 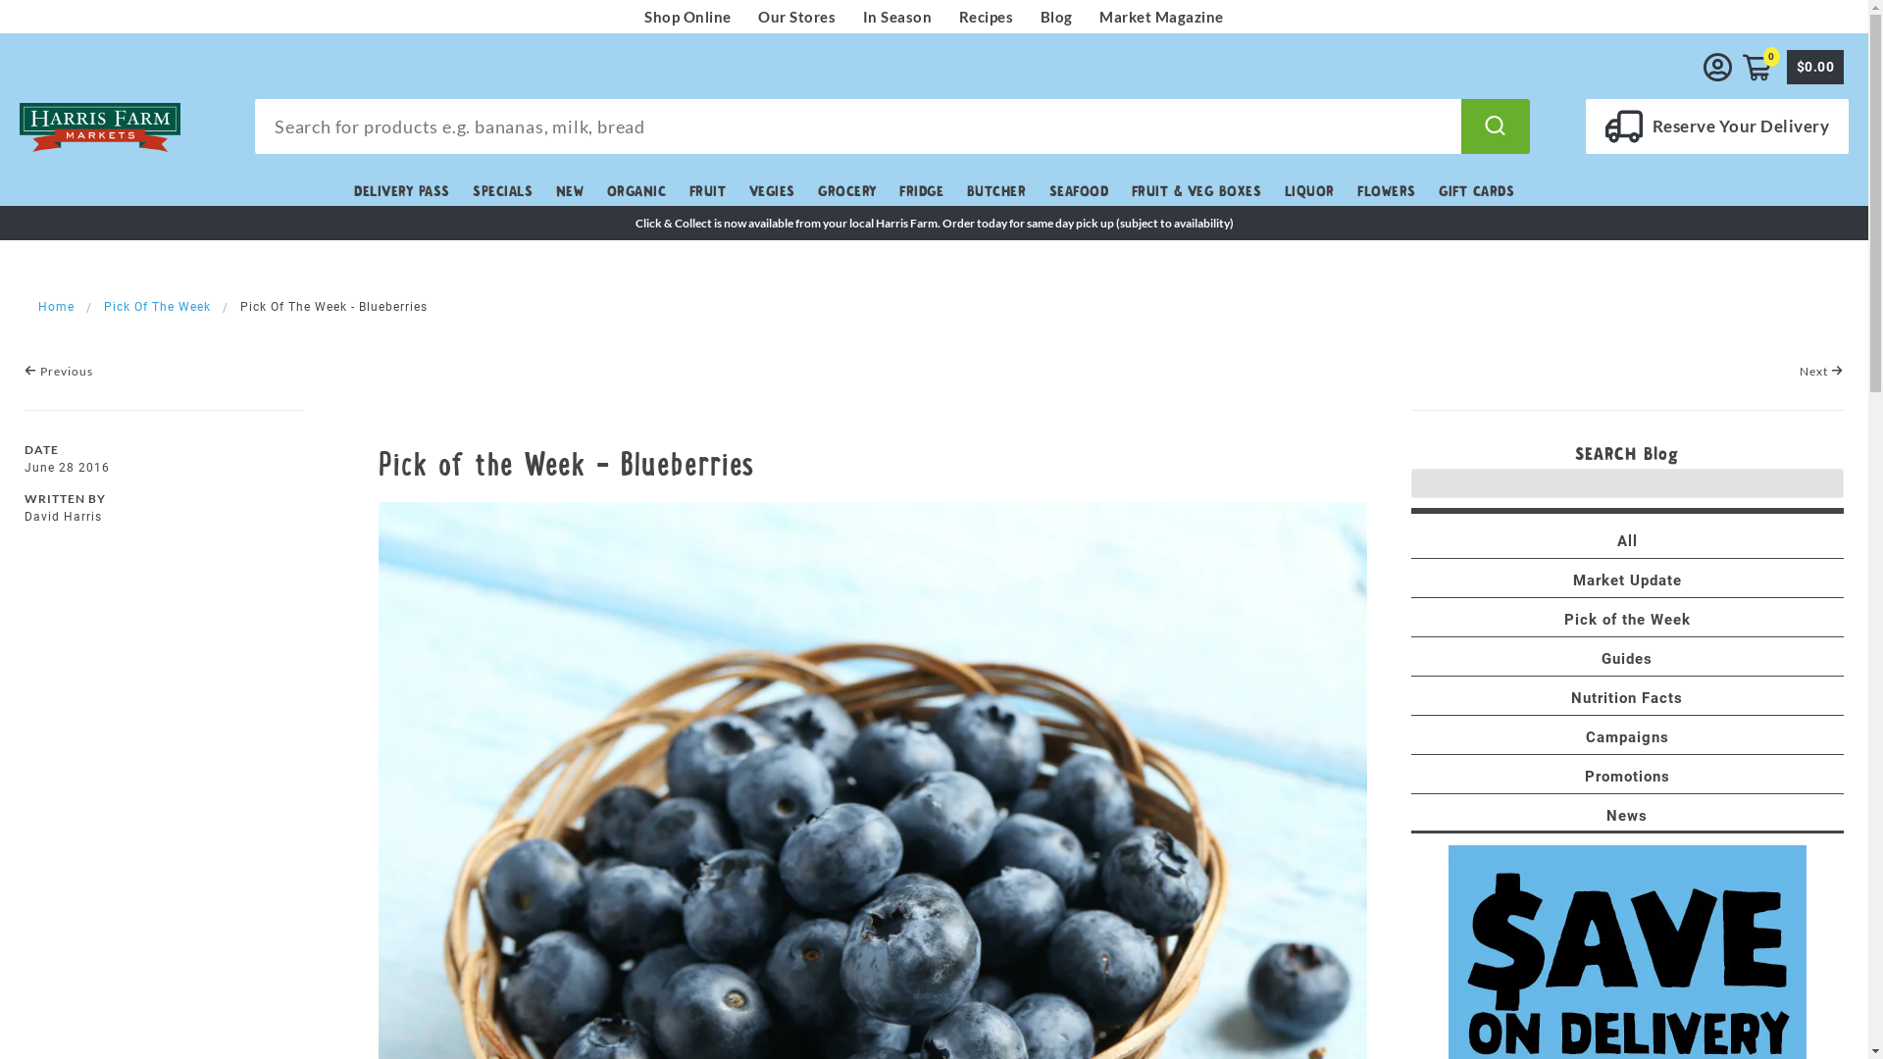 What do you see at coordinates (1309, 191) in the screenshot?
I see `'LIQUOR'` at bounding box center [1309, 191].